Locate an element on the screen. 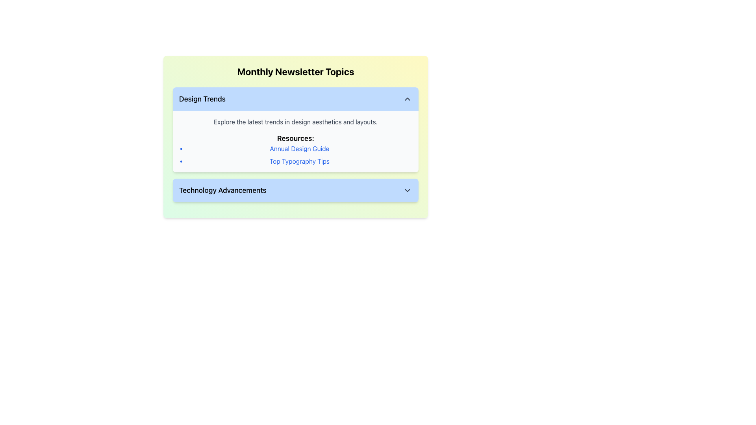 This screenshot has height=425, width=756. the arrow icon button located on the top-right corner of the blue-colored bar in the 'Design Trends' section is located at coordinates (408, 98).